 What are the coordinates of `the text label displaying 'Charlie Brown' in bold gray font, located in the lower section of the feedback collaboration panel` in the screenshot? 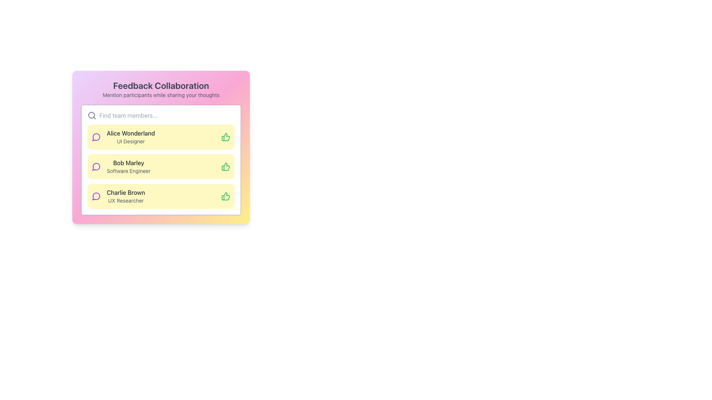 It's located at (126, 192).